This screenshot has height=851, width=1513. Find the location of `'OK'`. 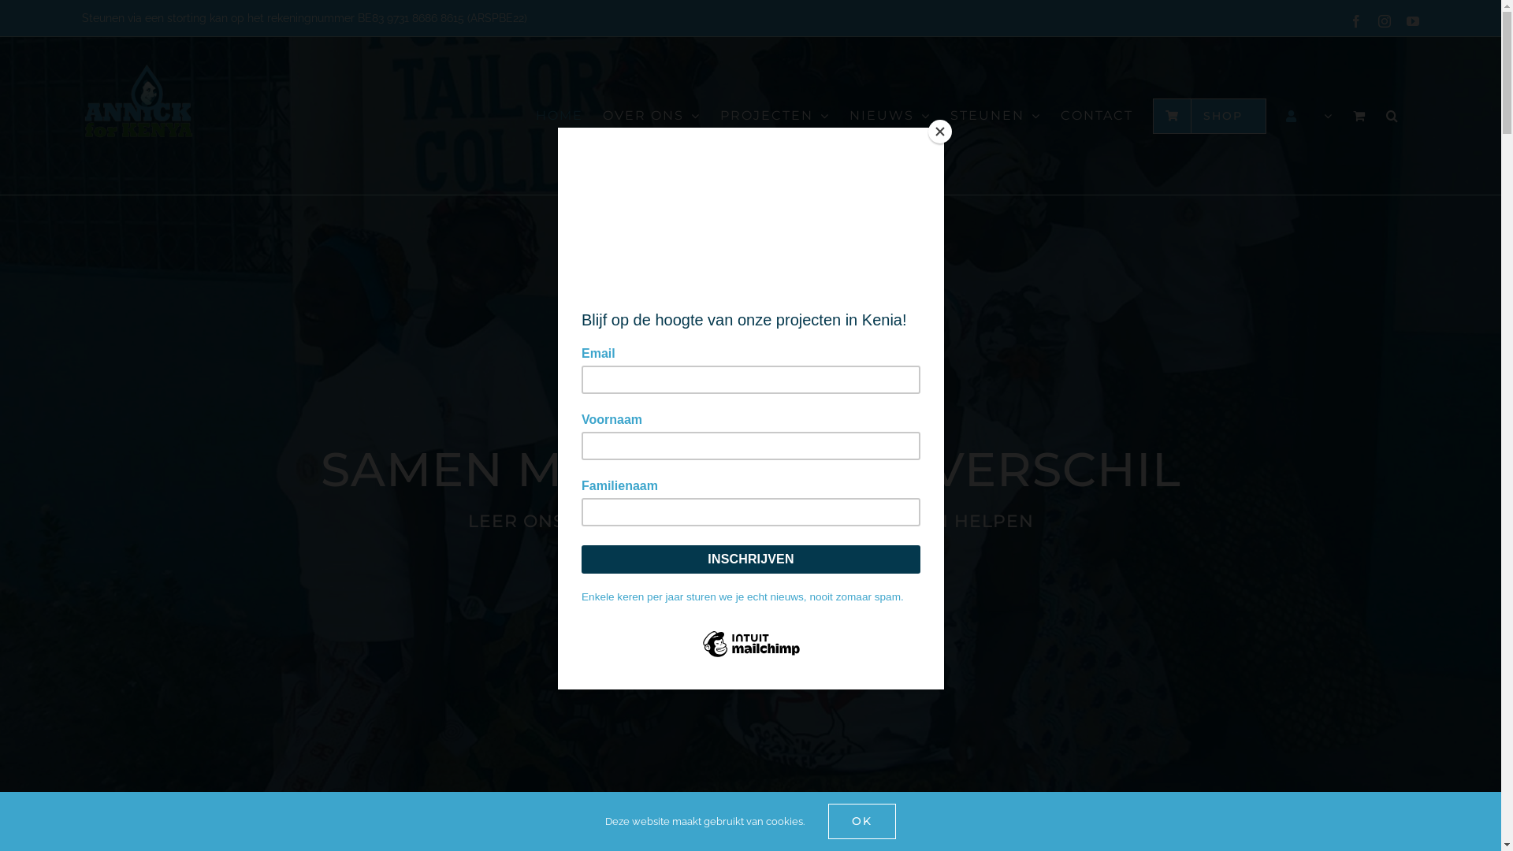

'OK' is located at coordinates (861, 820).